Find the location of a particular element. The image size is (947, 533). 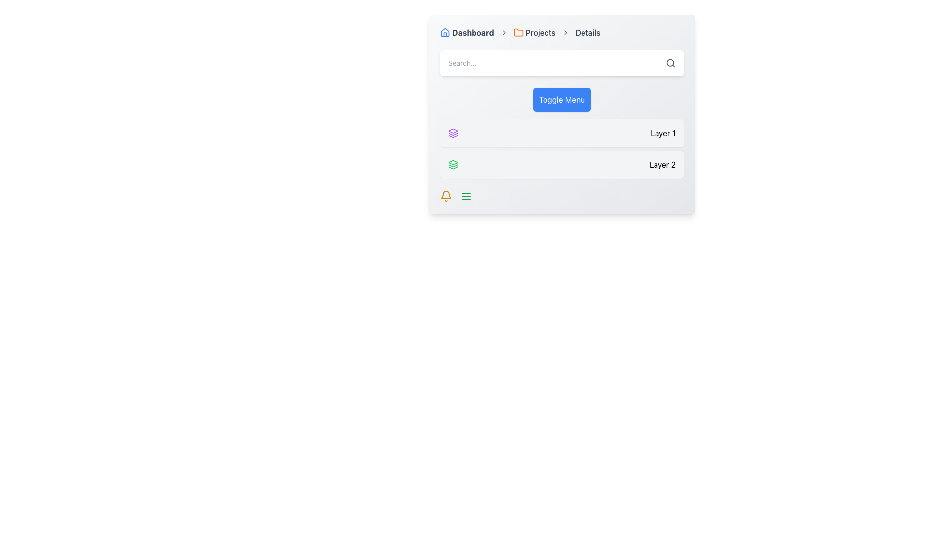

assistive tools is located at coordinates (518, 32).